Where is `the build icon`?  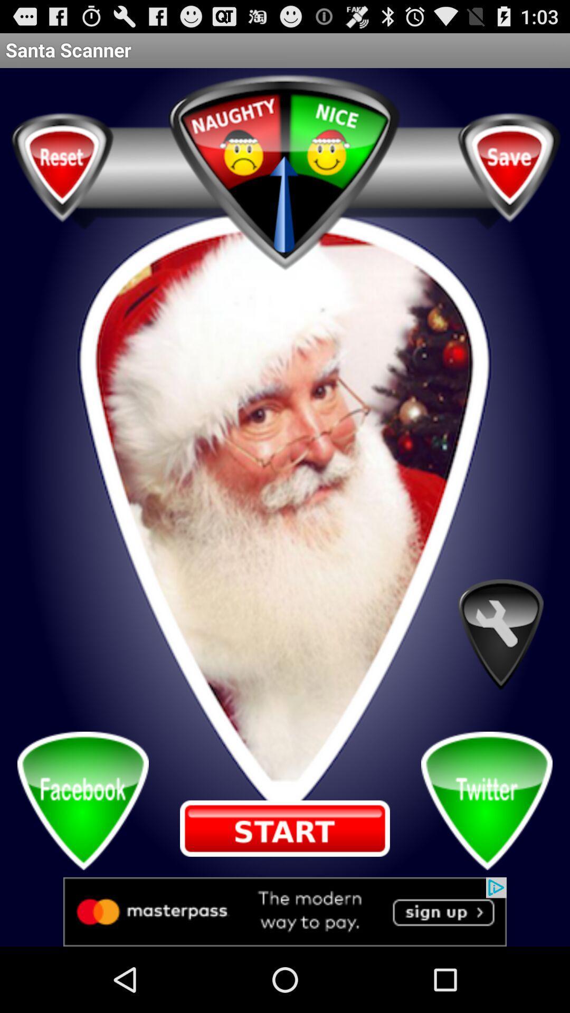 the build icon is located at coordinates (500, 679).